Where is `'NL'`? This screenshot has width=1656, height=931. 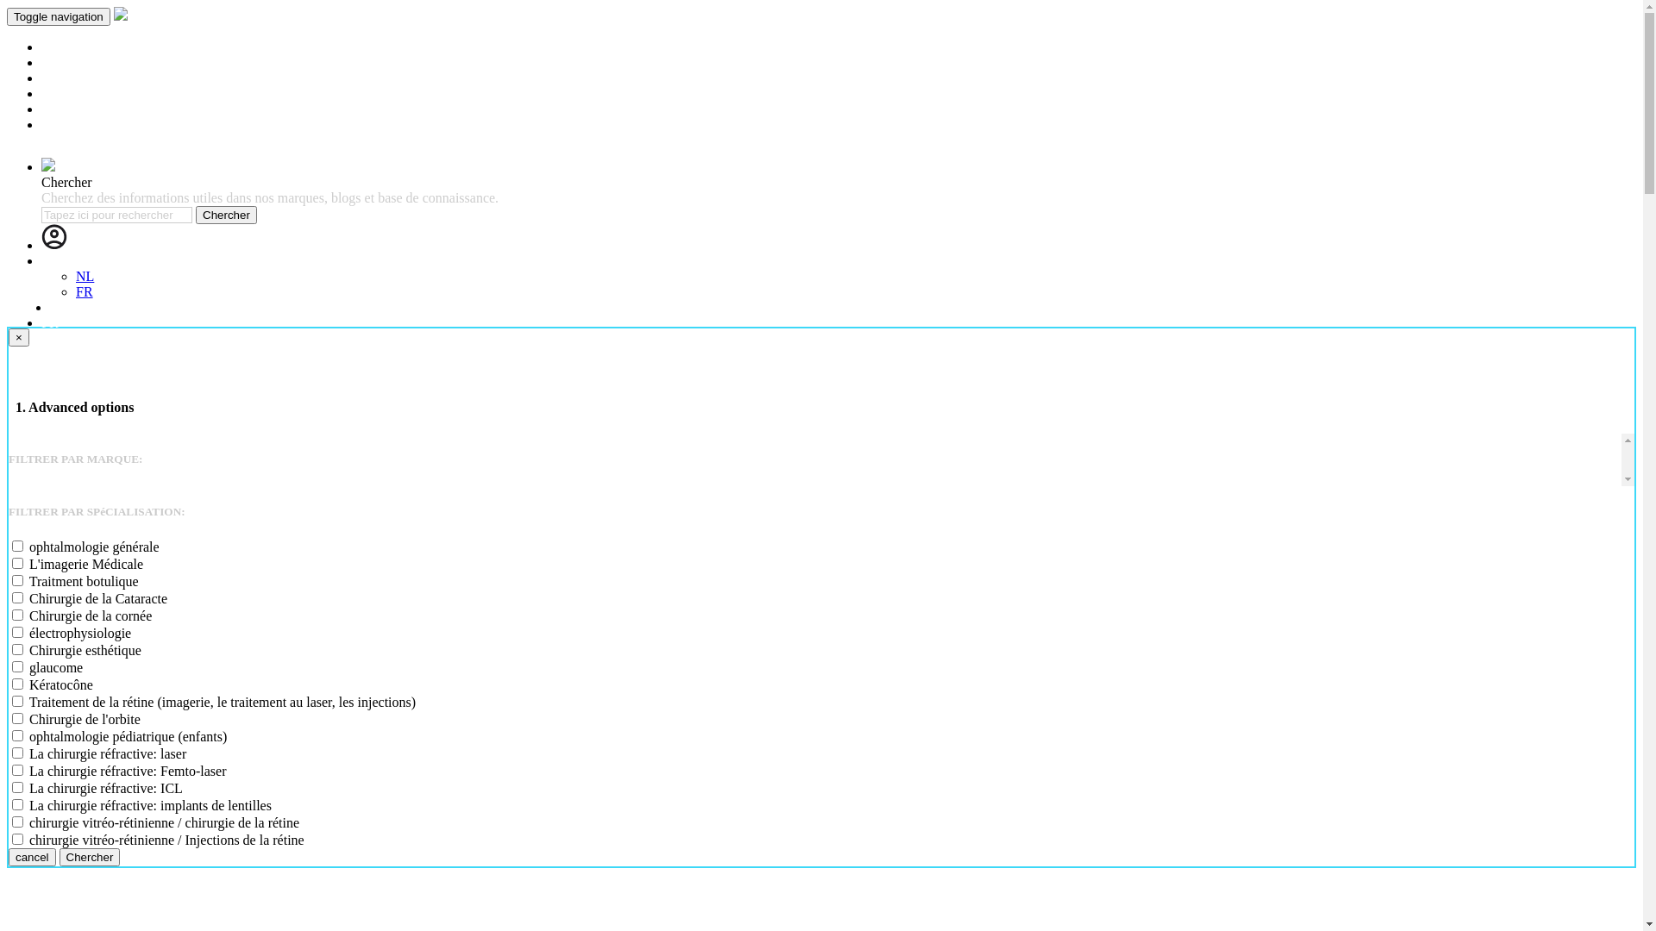 'NL' is located at coordinates (59, 306).